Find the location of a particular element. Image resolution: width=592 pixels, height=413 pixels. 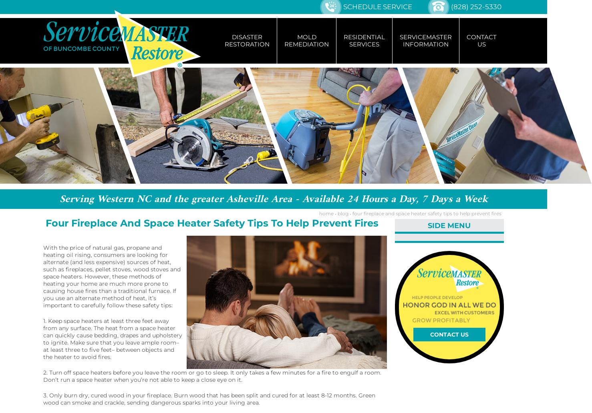

'Contact us' is located at coordinates (449, 334).